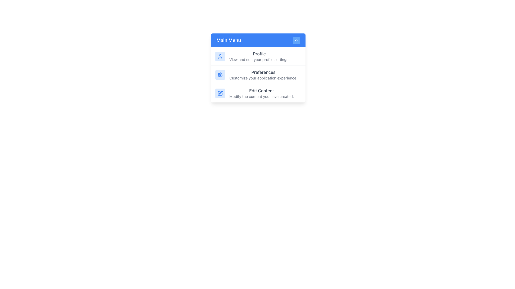 The width and height of the screenshot is (515, 289). Describe the element at coordinates (220, 56) in the screenshot. I see `the 'Profile' icon located at the top of the menu list, next to the 'Profile' text label` at that location.